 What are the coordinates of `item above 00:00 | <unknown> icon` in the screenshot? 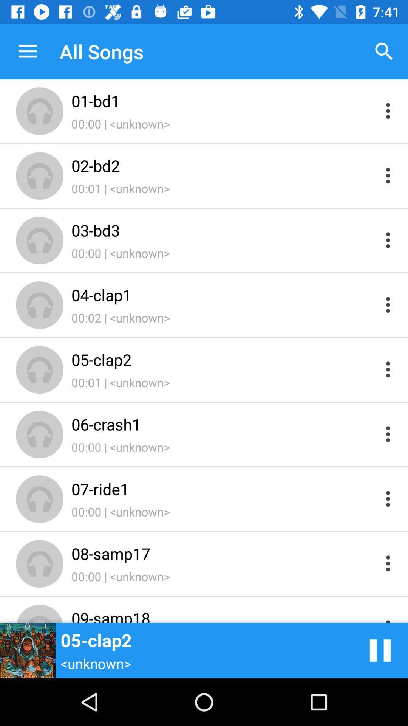 It's located at (223, 489).